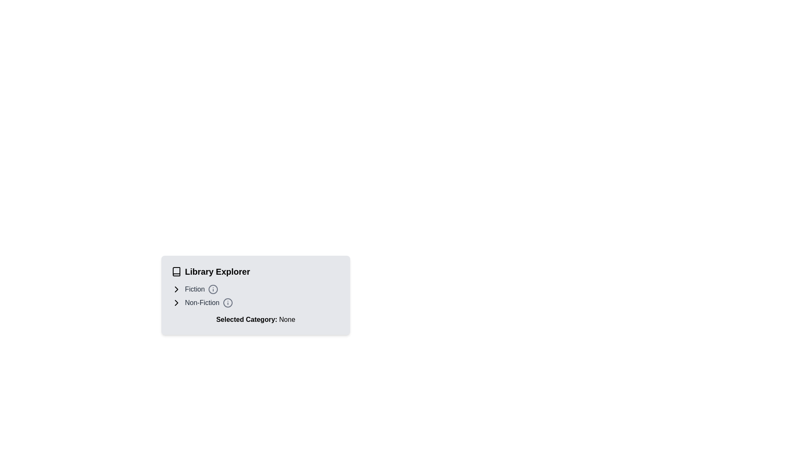 The width and height of the screenshot is (809, 455). Describe the element at coordinates (228, 302) in the screenshot. I see `the SVG circle element that is part of the icon next to the text 'Non-Fiction' in the 'Library Explorer' panel` at that location.